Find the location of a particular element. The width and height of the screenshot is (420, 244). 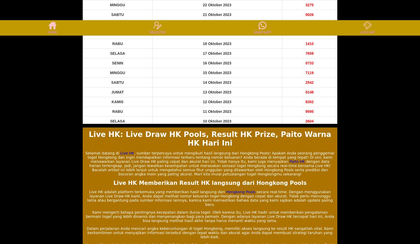

'Live HK: Live Draw HK Pools, Result HK Prize, Paito Warna HK Hari Ini' is located at coordinates (210, 139).